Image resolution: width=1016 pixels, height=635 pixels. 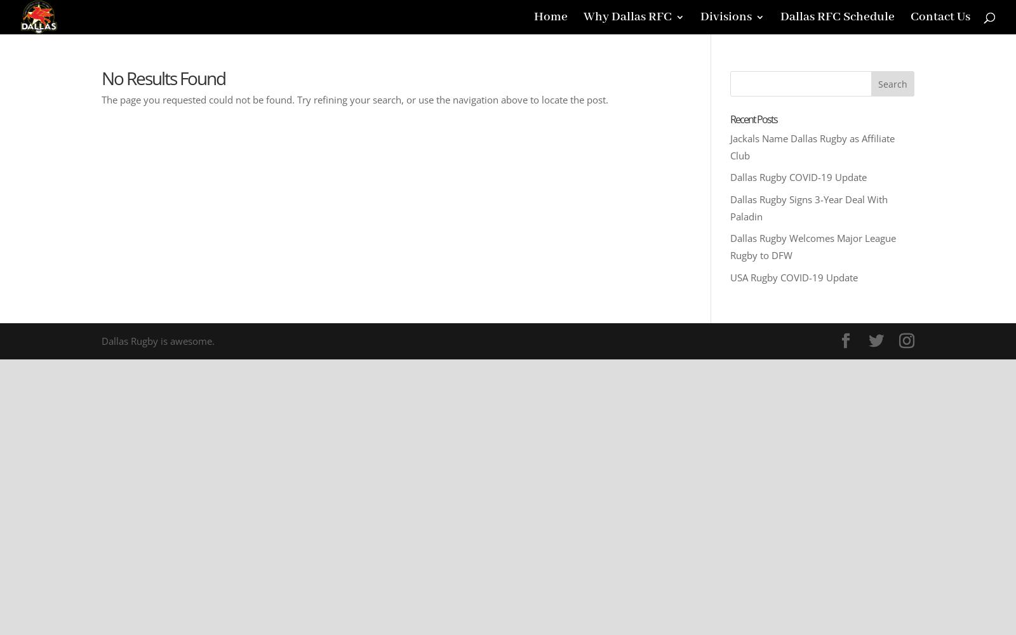 What do you see at coordinates (644, 112) in the screenshot?
I see `'Hall of Fame'` at bounding box center [644, 112].